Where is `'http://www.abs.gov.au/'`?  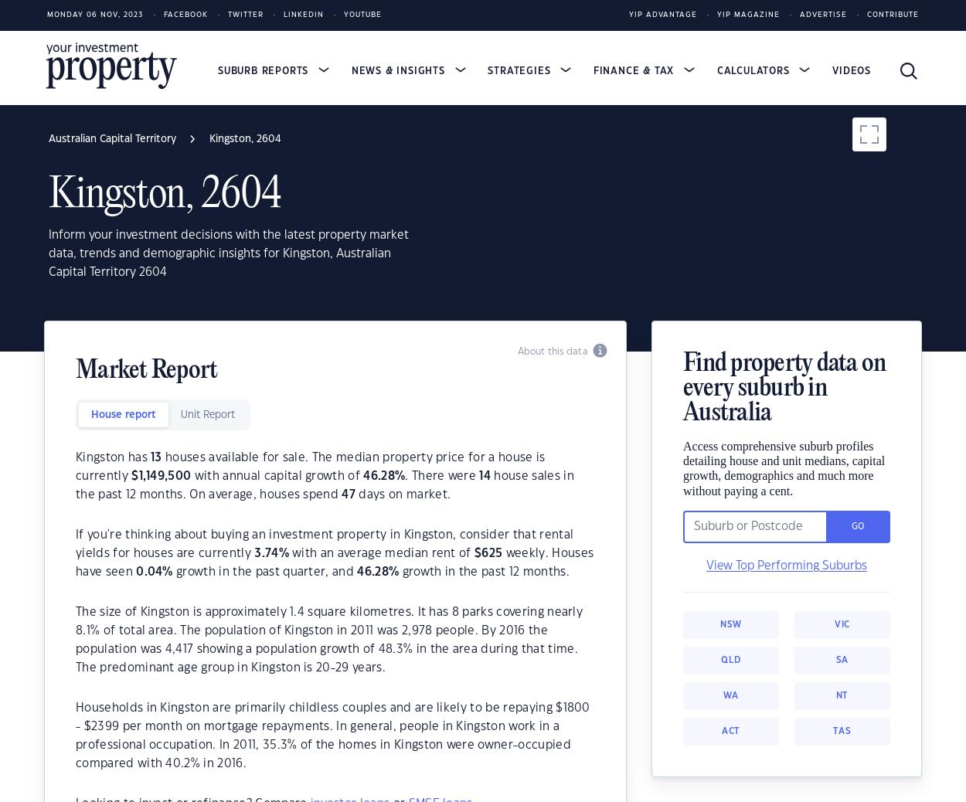 'http://www.abs.gov.au/' is located at coordinates (547, 454).